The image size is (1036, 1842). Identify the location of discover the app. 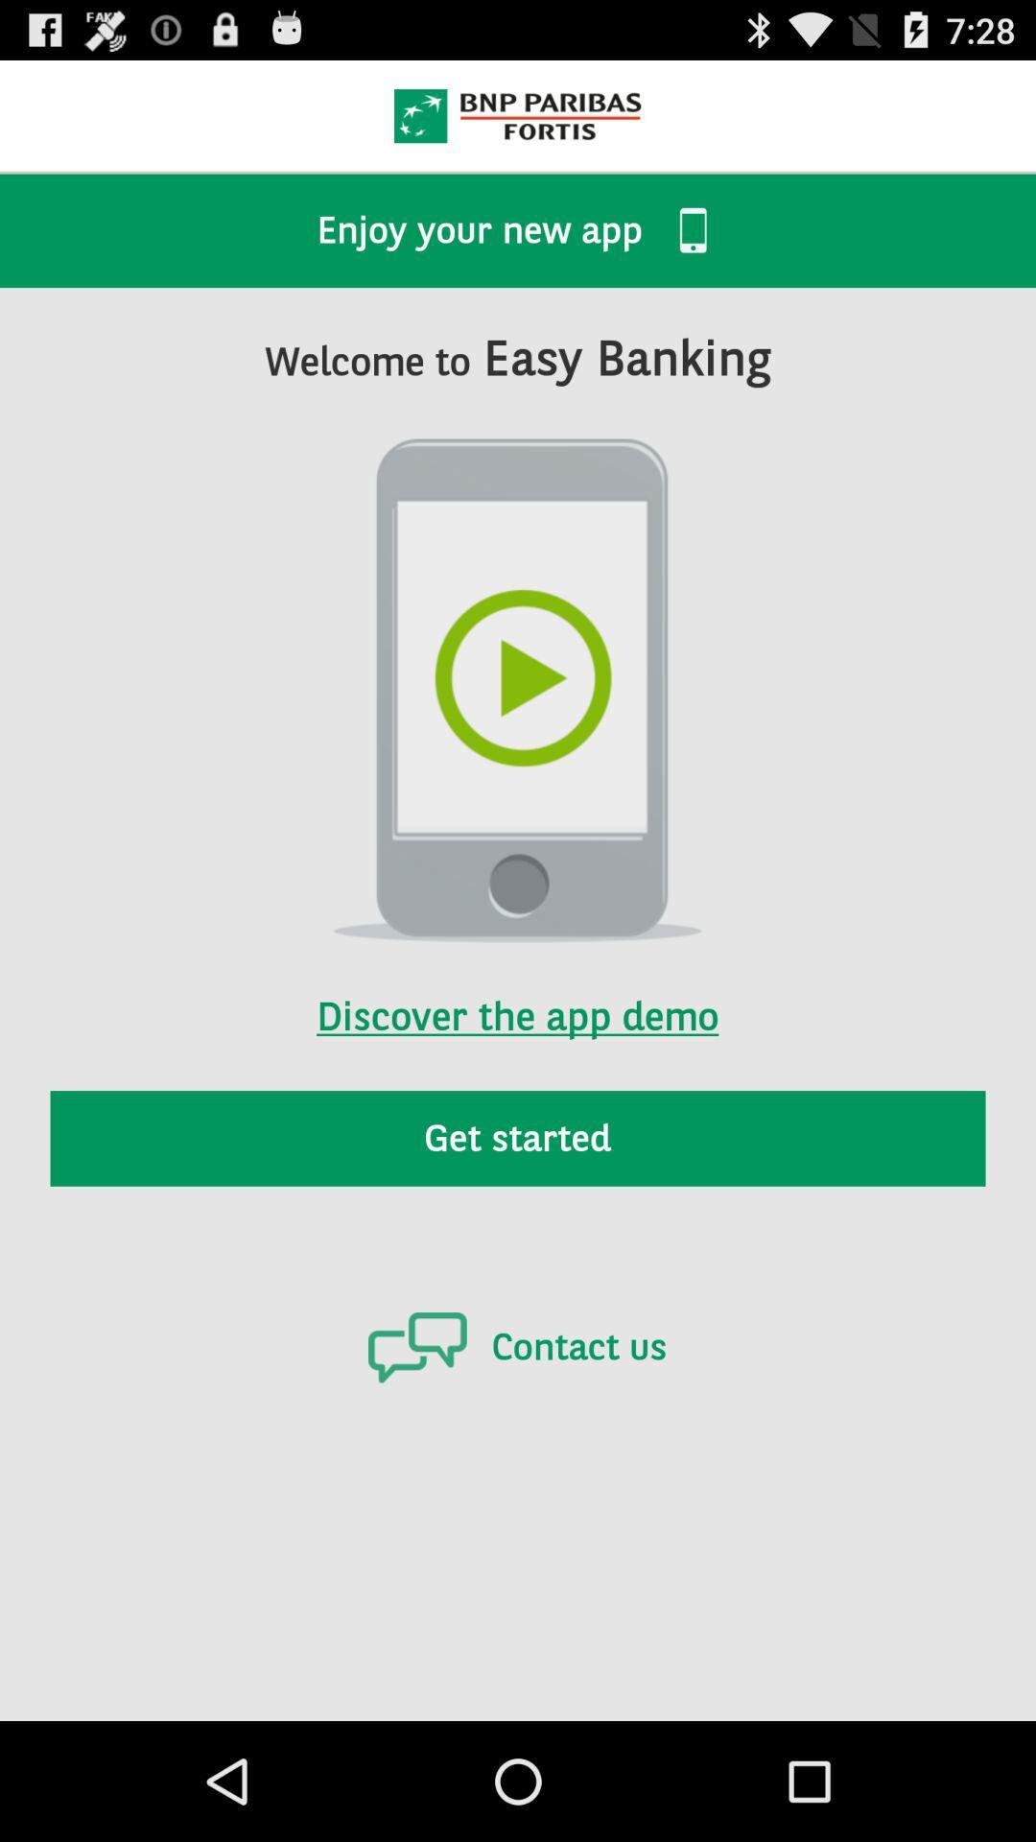
(516, 991).